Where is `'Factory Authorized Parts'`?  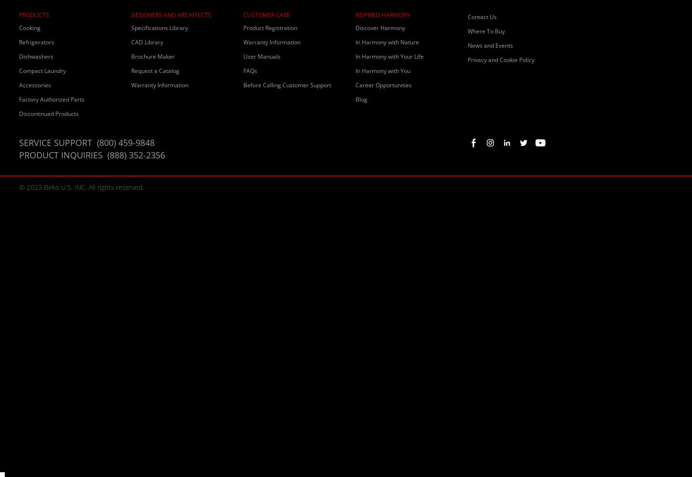
'Factory Authorized Parts' is located at coordinates (52, 99).